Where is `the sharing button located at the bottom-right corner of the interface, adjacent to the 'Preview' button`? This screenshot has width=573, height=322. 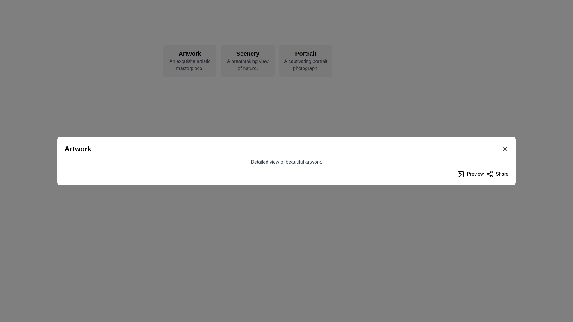 the sharing button located at the bottom-right corner of the interface, adjacent to the 'Preview' button is located at coordinates (497, 174).